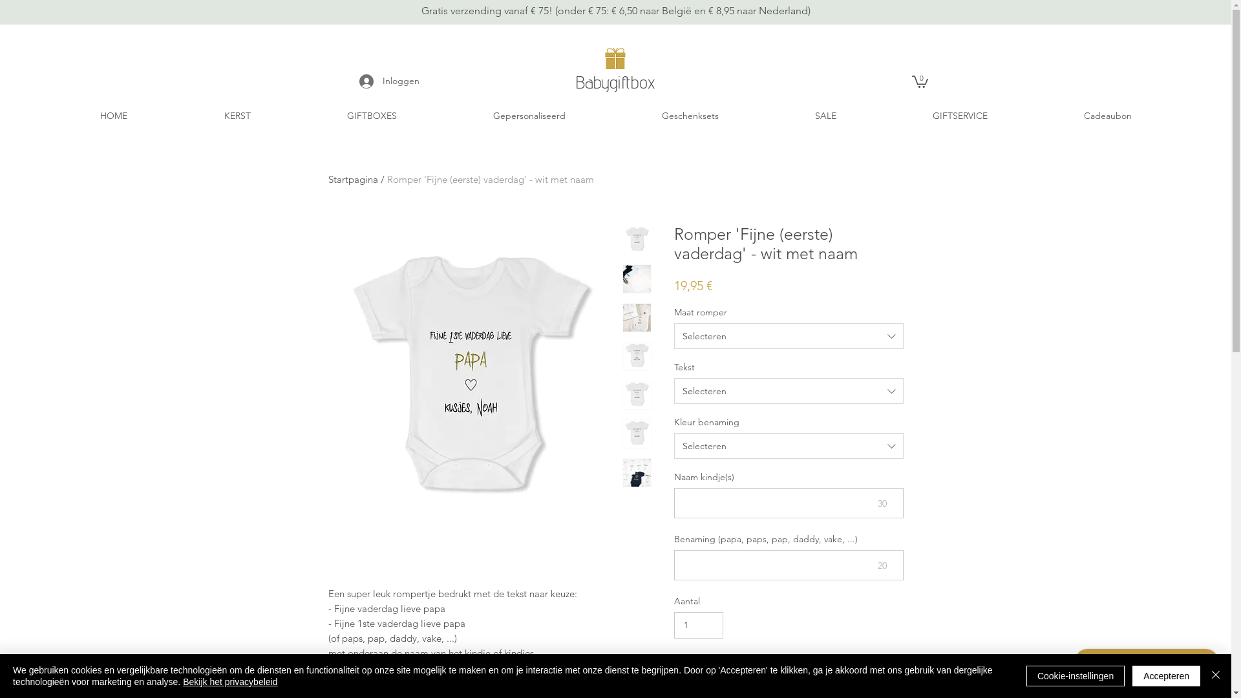  Describe the element at coordinates (614, 81) in the screenshot. I see `'Babygiftbox'` at that location.